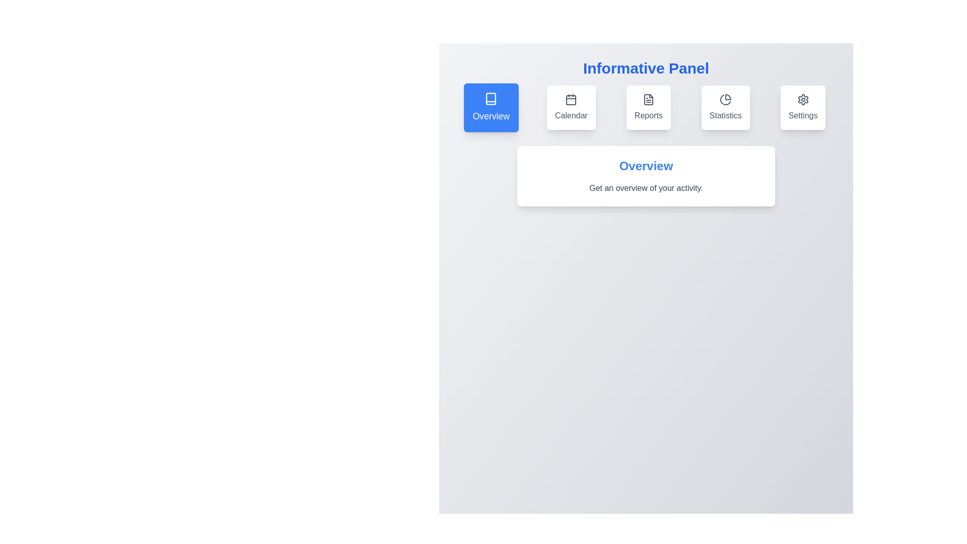 This screenshot has width=967, height=544. Describe the element at coordinates (648, 99) in the screenshot. I see `the compact icon resembling a sheet of paper located in the 'Reports' section of the main navigation panel` at that location.